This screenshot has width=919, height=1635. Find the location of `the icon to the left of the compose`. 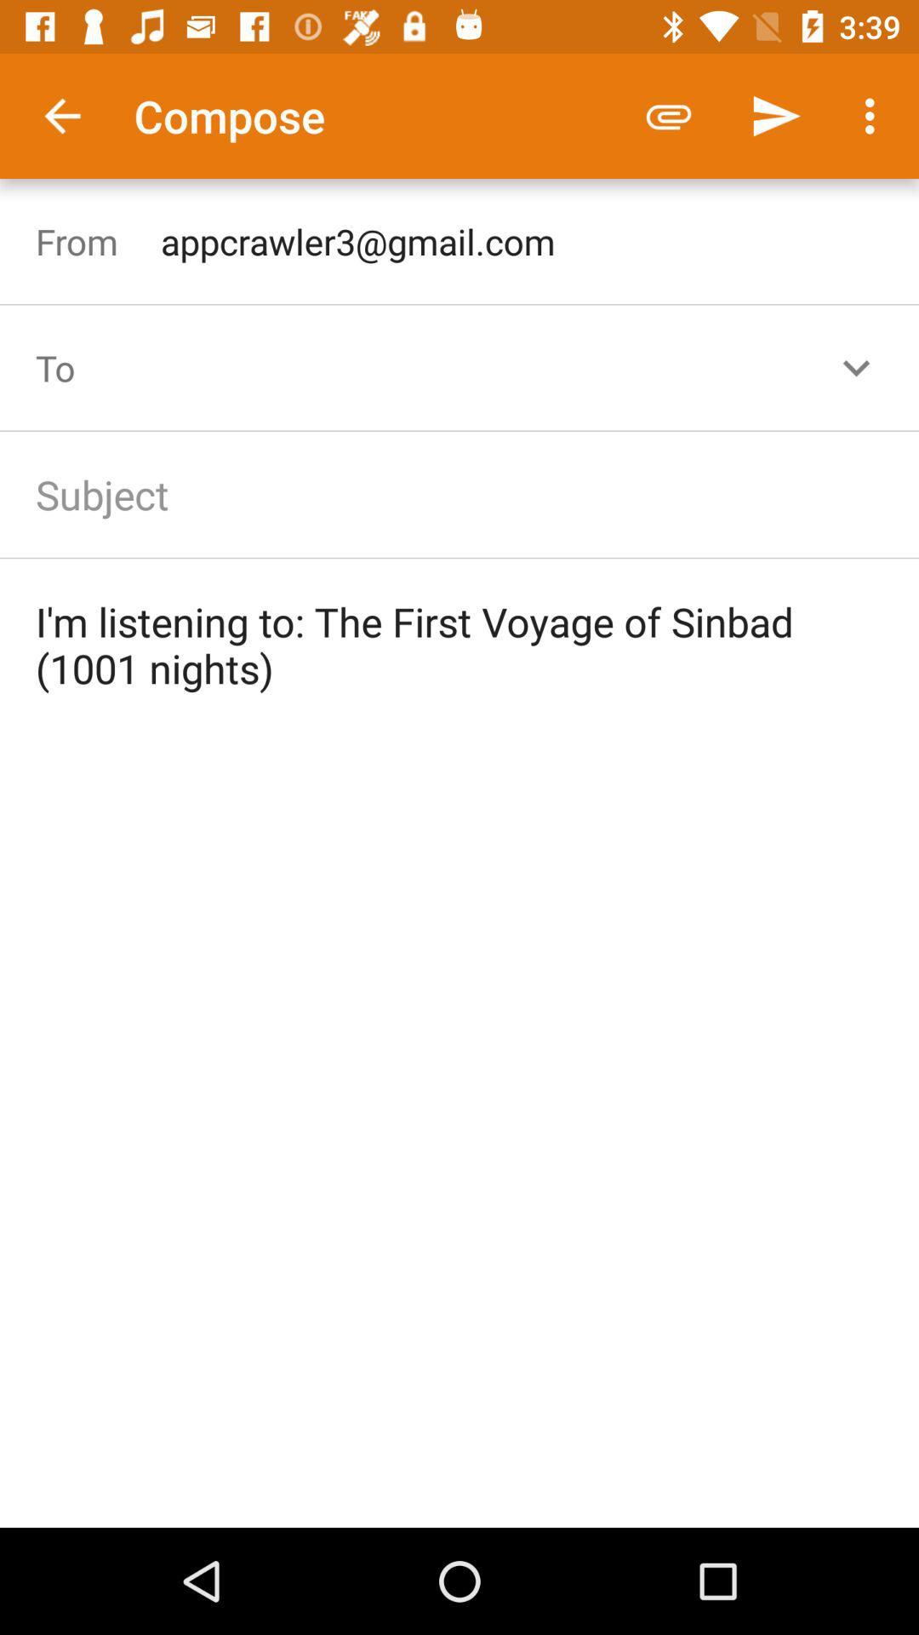

the icon to the left of the compose is located at coordinates (61, 115).